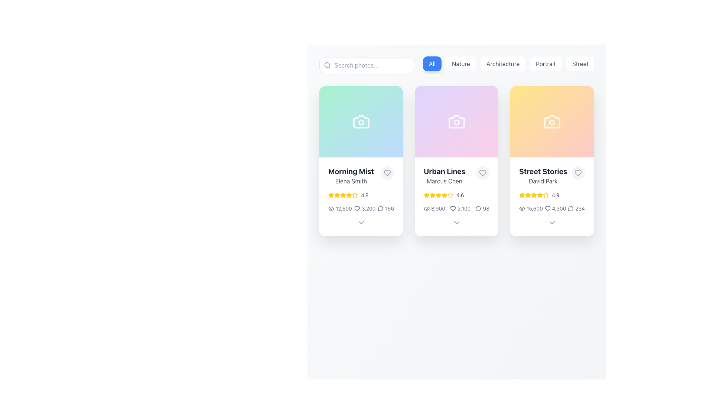 Image resolution: width=713 pixels, height=401 pixels. What do you see at coordinates (361, 222) in the screenshot?
I see `the Chevron Down icon located at the bottom section of the 'Morning Mist' card` at bounding box center [361, 222].